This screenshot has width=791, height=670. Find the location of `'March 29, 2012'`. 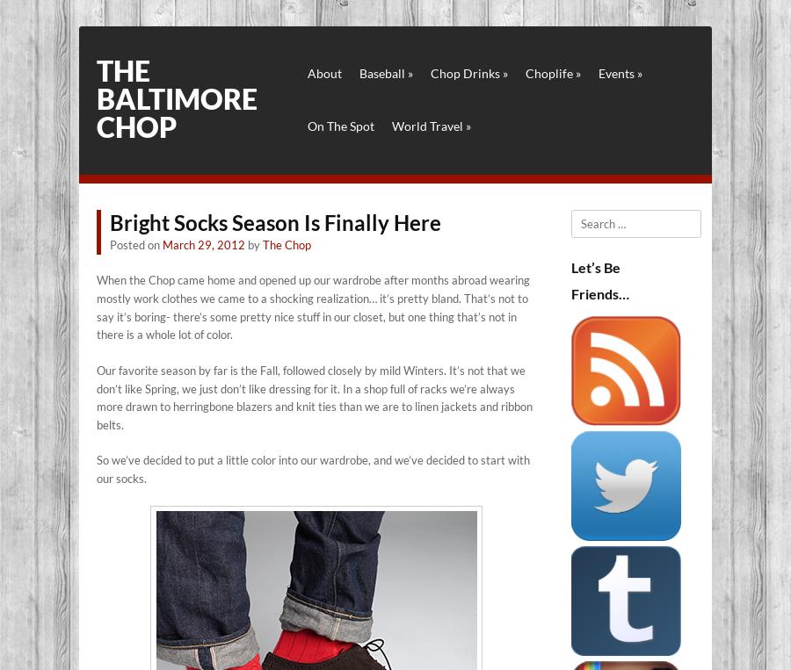

'March 29, 2012' is located at coordinates (203, 244).